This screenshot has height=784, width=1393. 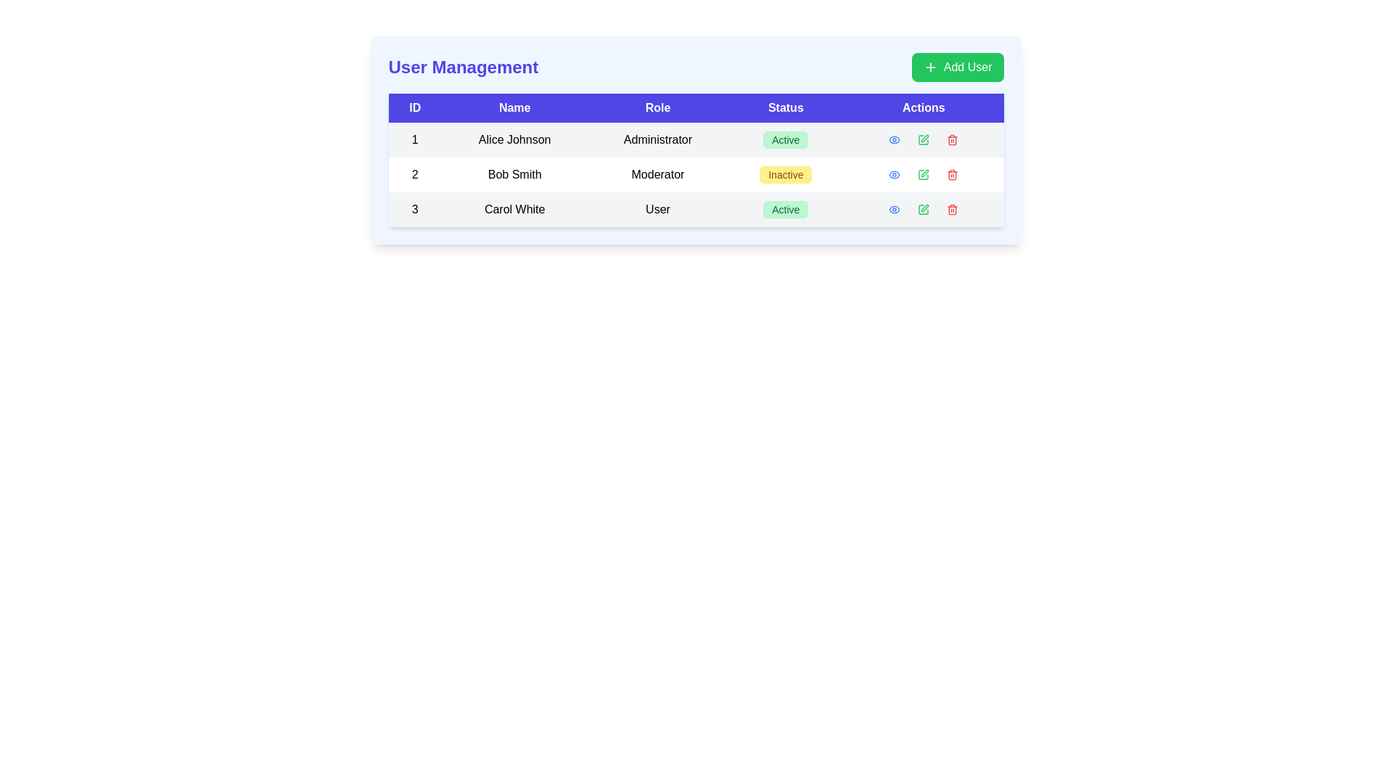 What do you see at coordinates (695, 210) in the screenshot?
I see `the third row of the user management table containing user ID '3', name 'Carol White', role 'User', and status 'Active'` at bounding box center [695, 210].